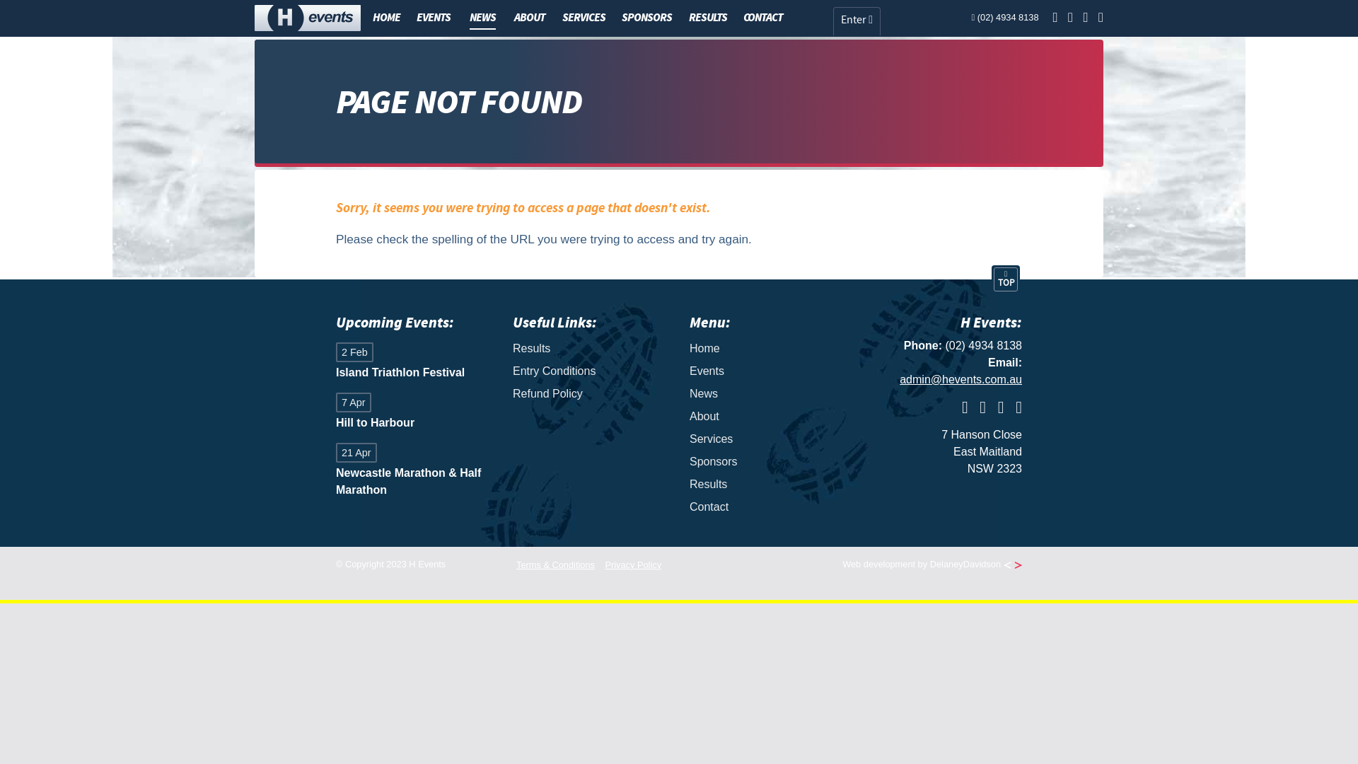 The width and height of the screenshot is (1358, 764). Describe the element at coordinates (413, 412) in the screenshot. I see `'7 Apr` at that location.